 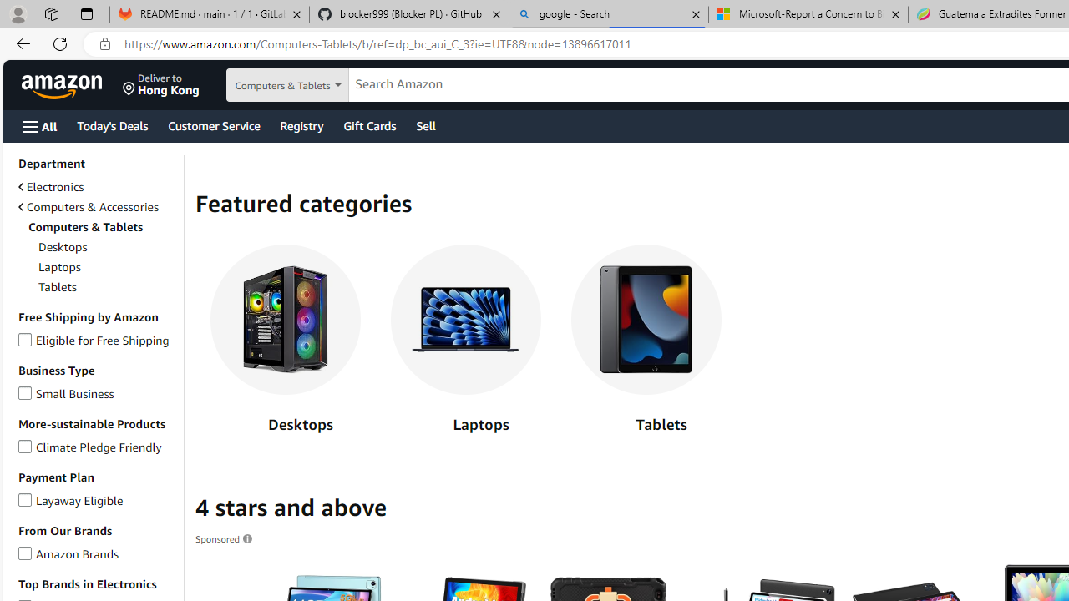 What do you see at coordinates (286, 320) in the screenshot?
I see `'Desktops'` at bounding box center [286, 320].